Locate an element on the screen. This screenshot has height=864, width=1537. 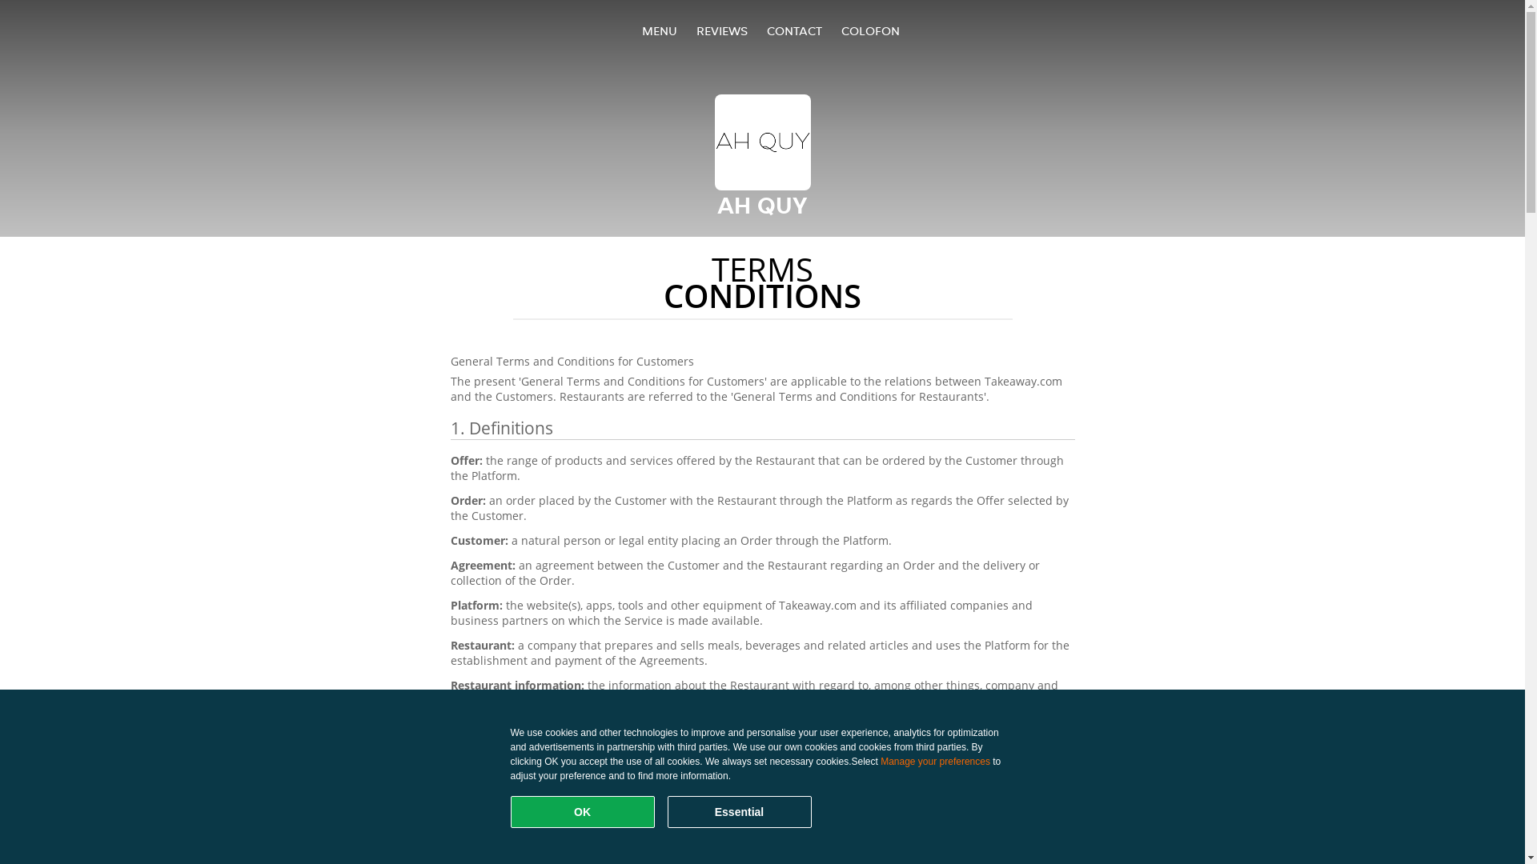
'MENU' is located at coordinates (660, 30).